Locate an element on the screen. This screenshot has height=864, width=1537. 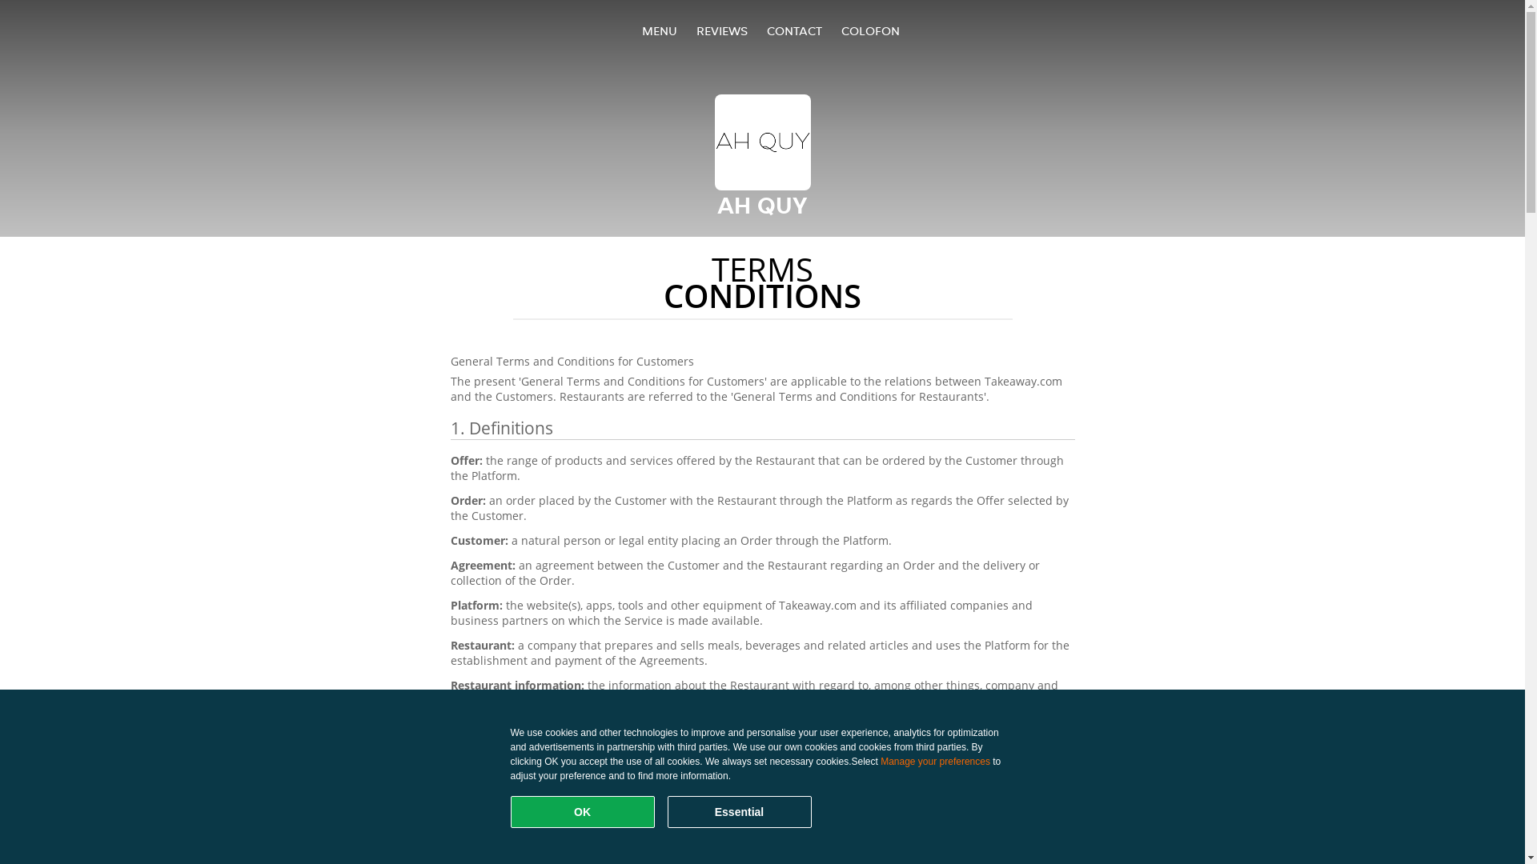
'MENU' is located at coordinates (660, 30).